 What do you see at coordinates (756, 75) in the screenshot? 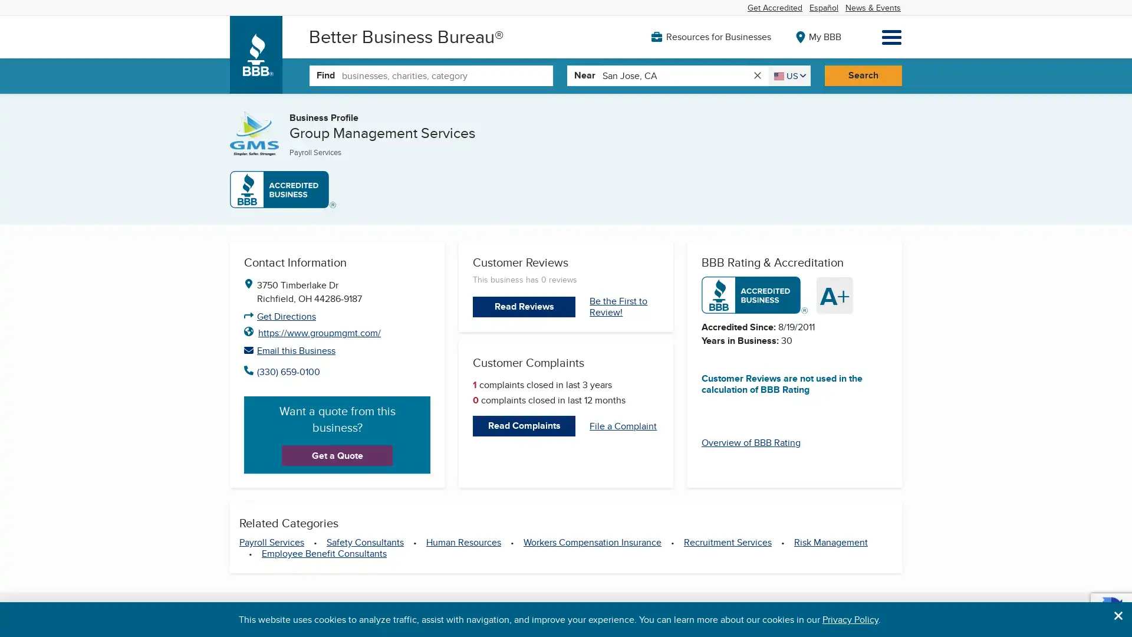
I see `clear search` at bounding box center [756, 75].